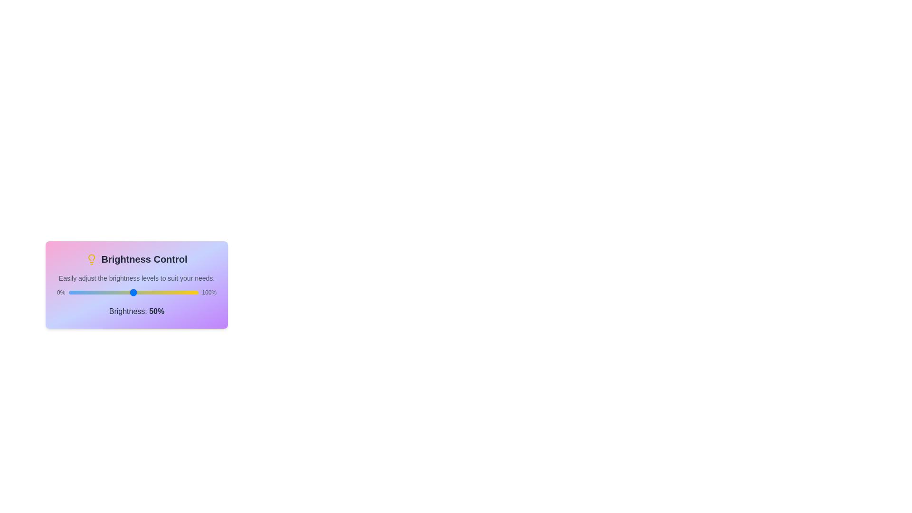 This screenshot has width=912, height=513. I want to click on the brightness to 99% by moving the slider, so click(196, 292).